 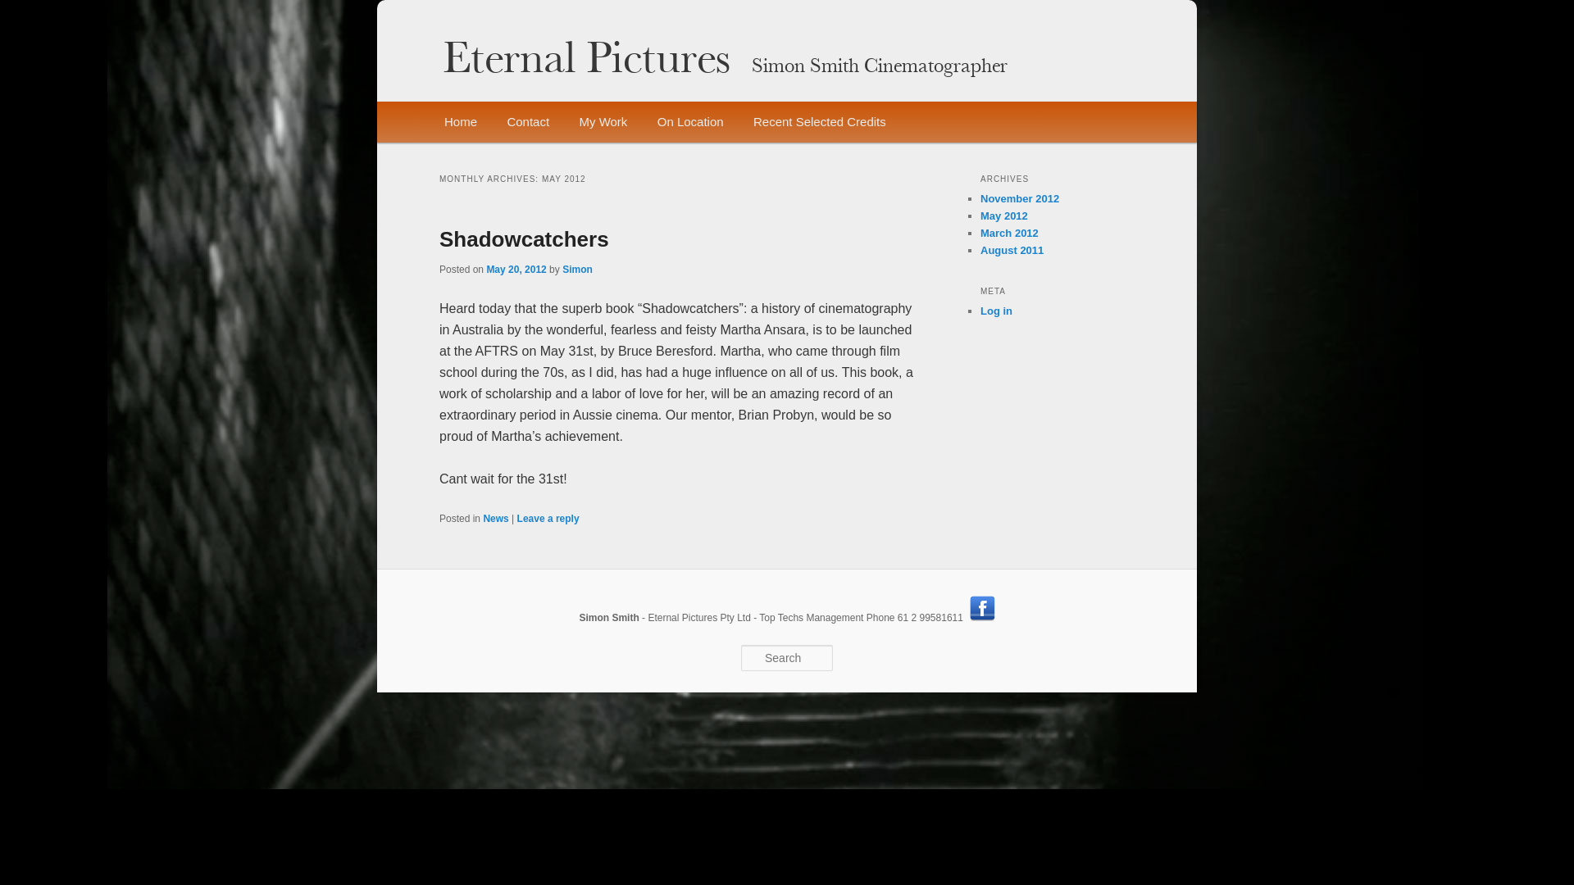 I want to click on 'Log in', so click(x=995, y=311).